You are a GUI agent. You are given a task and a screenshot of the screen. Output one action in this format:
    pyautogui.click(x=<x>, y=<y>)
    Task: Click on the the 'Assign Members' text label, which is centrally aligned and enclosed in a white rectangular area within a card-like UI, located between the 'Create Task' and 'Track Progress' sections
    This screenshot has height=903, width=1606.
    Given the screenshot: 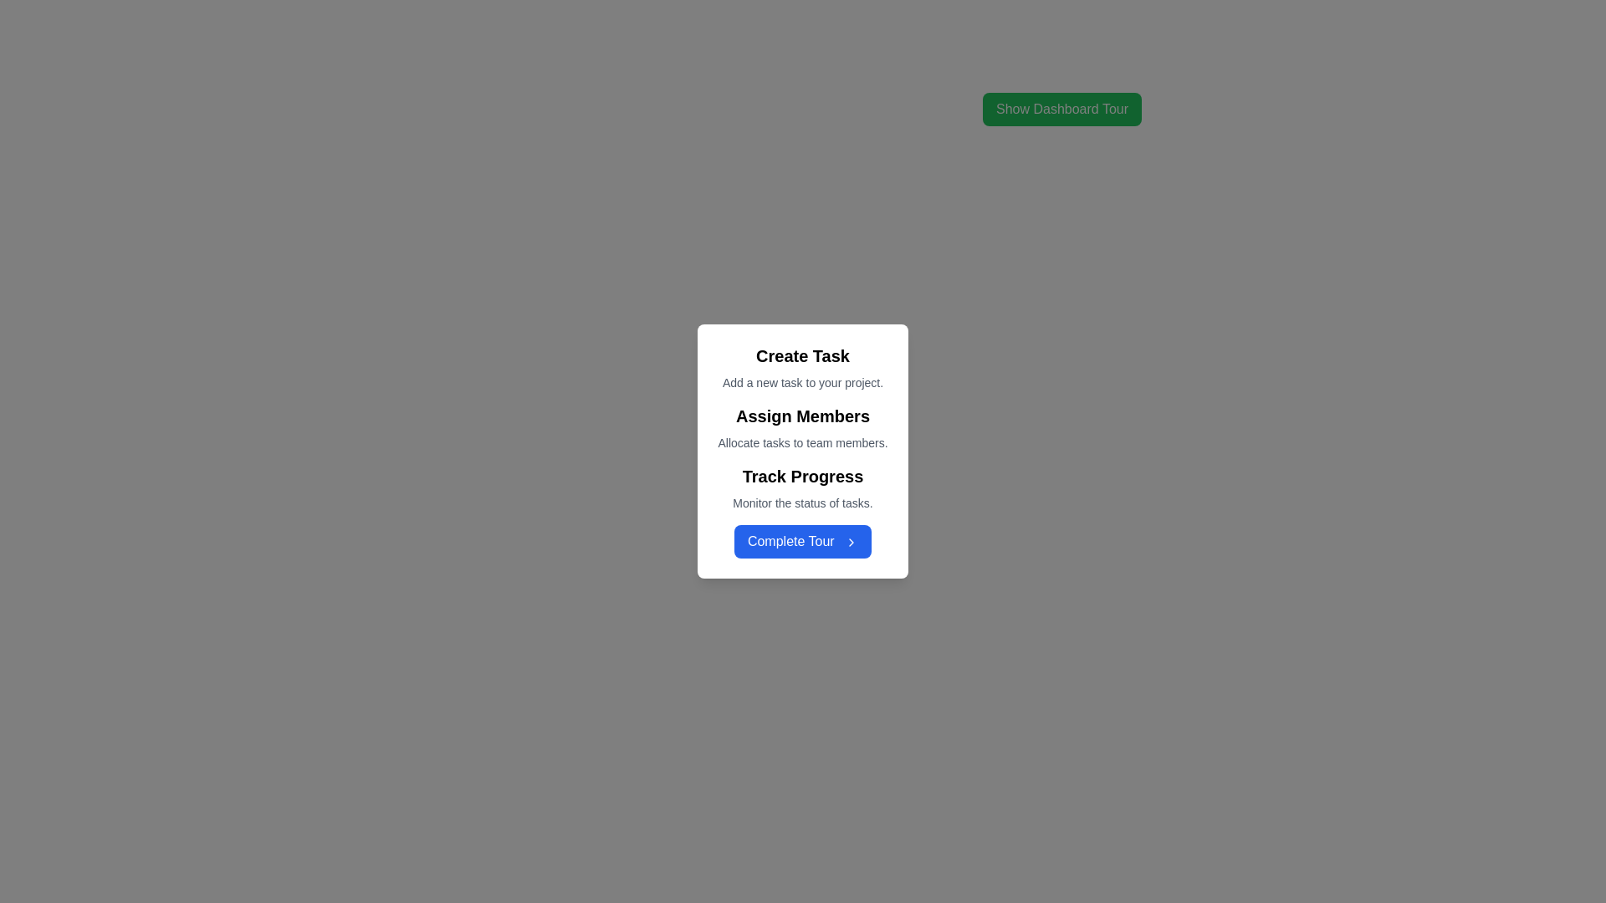 What is the action you would take?
    pyautogui.click(x=803, y=427)
    